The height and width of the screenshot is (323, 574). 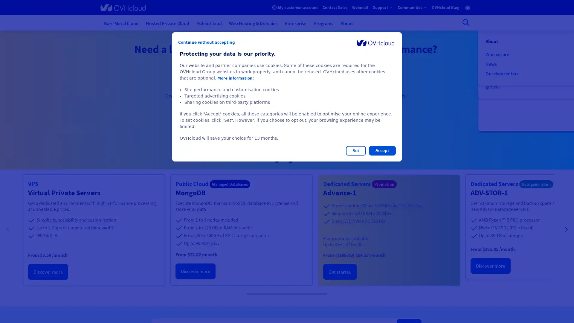 I want to click on Discover more, so click(x=195, y=271).